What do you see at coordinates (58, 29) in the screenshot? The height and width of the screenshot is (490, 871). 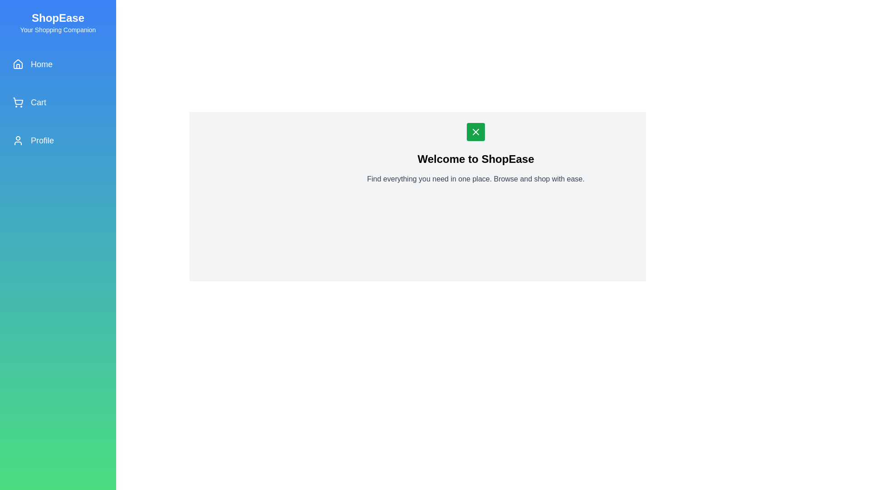 I see `the text label displaying 'Your Shopping Companion', which is located directly below the 'ShopEase' header in the sidebar area` at bounding box center [58, 29].